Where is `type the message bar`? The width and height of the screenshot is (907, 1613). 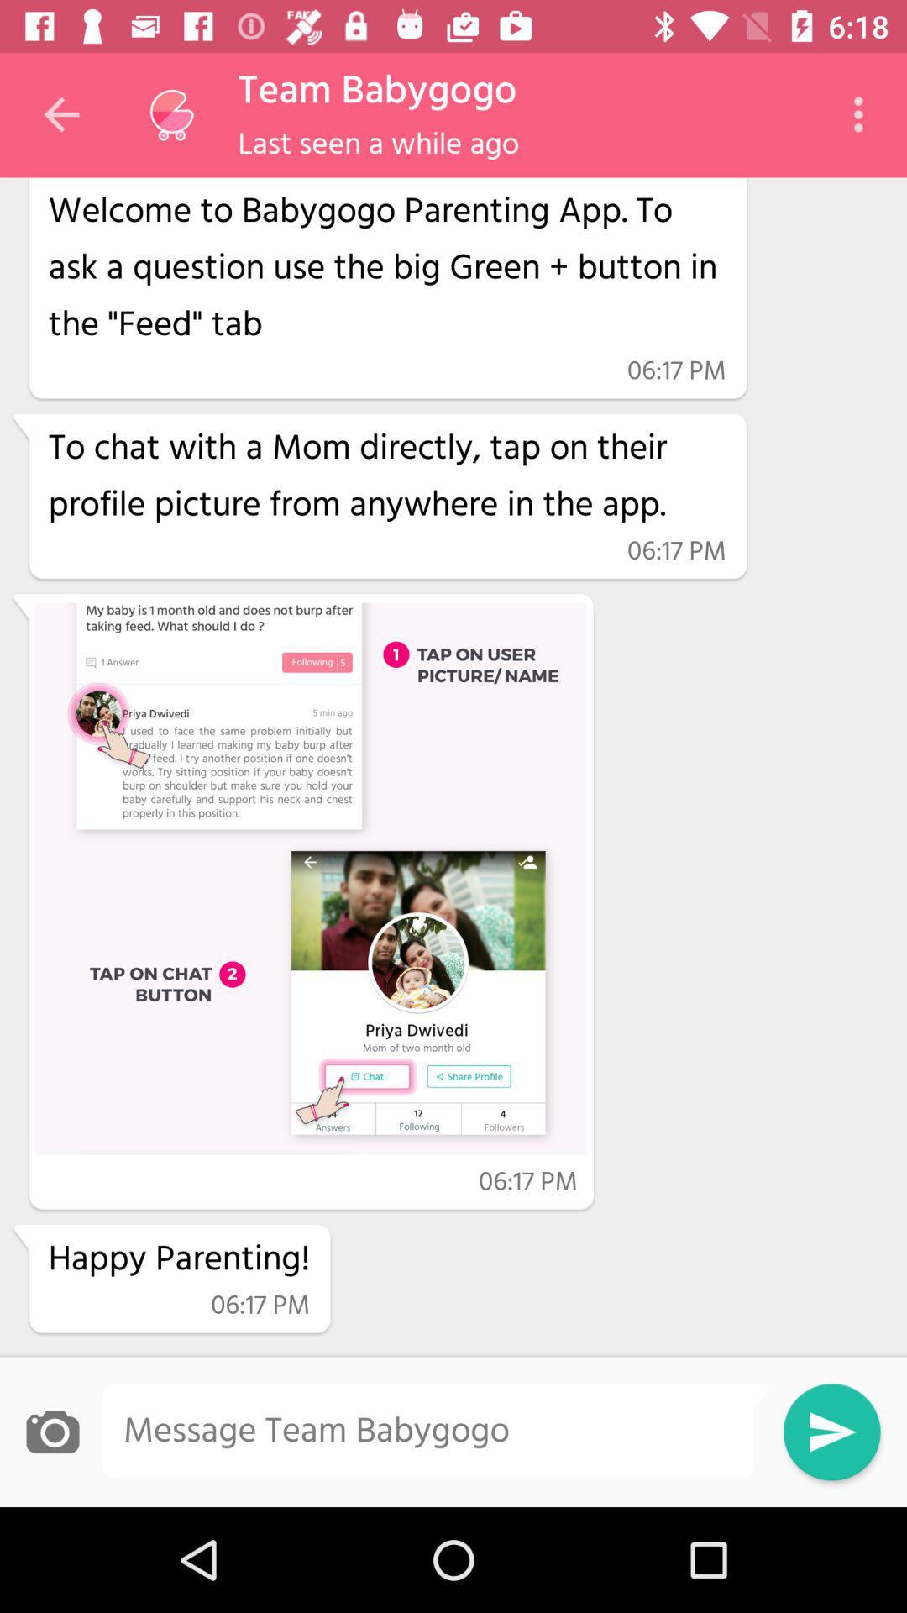 type the message bar is located at coordinates (435, 1431).